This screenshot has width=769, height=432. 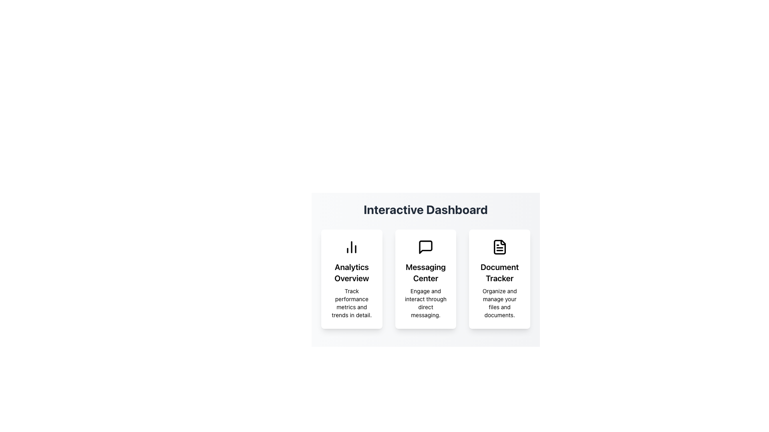 I want to click on the text label displaying 'Document Tracker', which is bold and larger, located in the center of the rightmost card among three horizontally aligned cards, so click(x=499, y=272).